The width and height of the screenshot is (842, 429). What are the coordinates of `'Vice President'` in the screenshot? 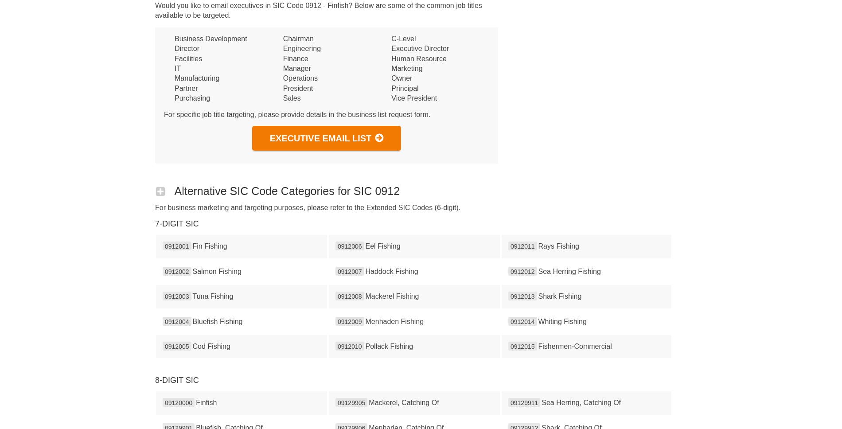 It's located at (413, 97).